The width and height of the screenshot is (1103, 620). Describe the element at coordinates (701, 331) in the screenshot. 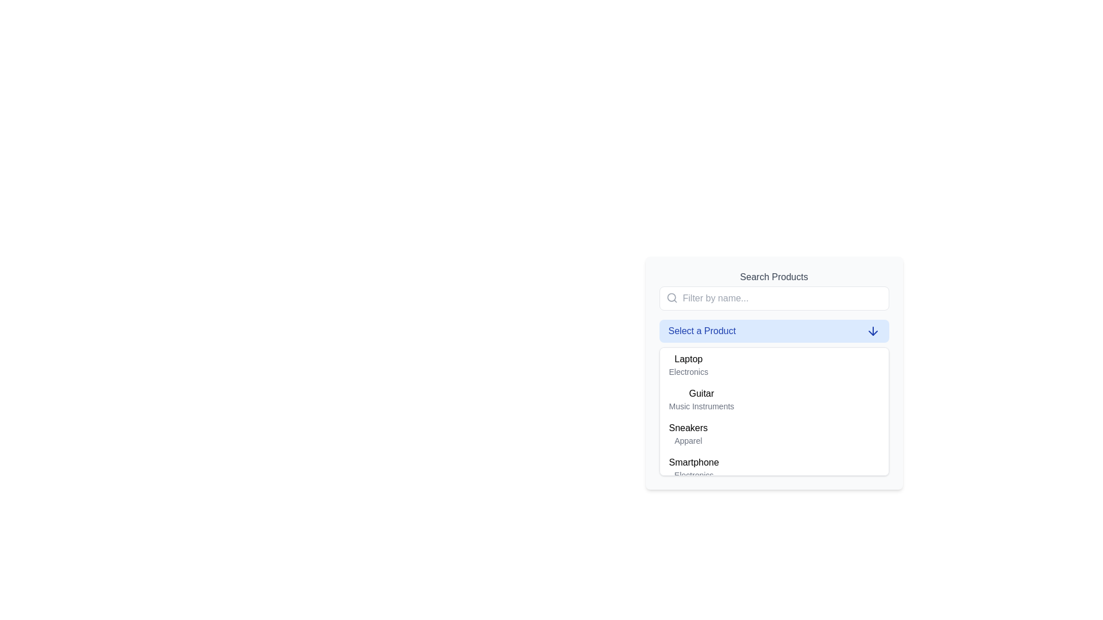

I see `the text label that prompts users to select an item from the dropdown options, which is positioned within the dropdown menu aligned to the left` at that location.